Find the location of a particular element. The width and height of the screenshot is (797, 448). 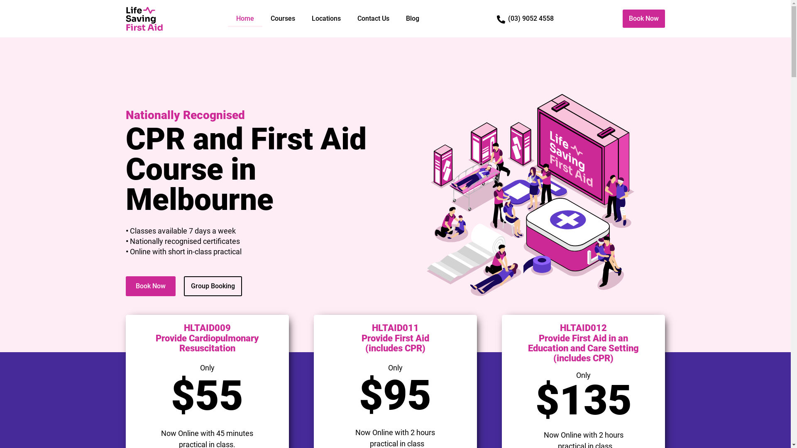

'Locations' is located at coordinates (303, 19).